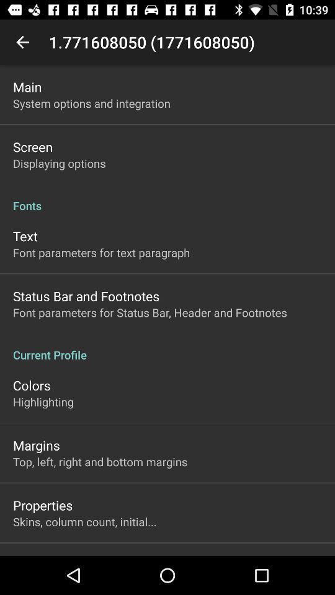  I want to click on the icon to the left of the 1.771608050 (1771608050) icon, so click(22, 42).